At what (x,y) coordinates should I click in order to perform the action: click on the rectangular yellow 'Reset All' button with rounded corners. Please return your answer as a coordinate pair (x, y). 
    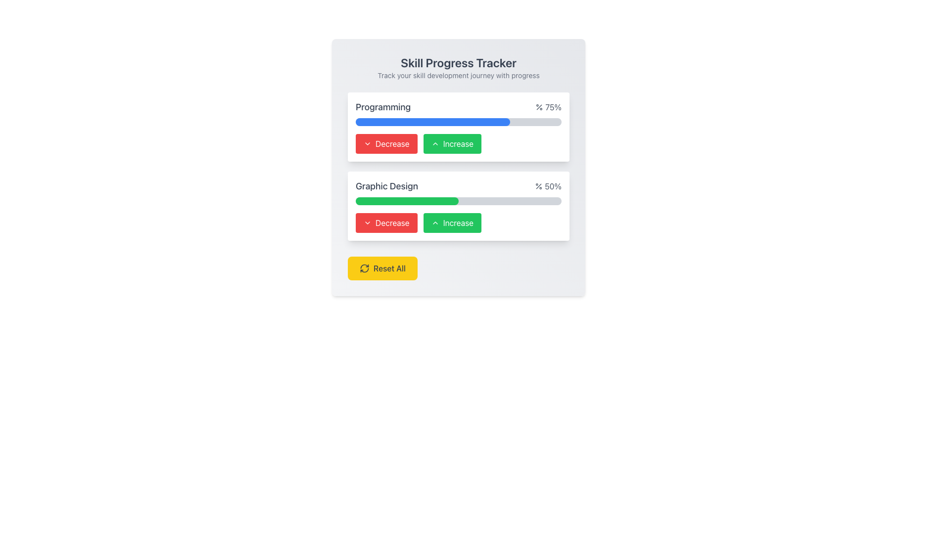
    Looking at the image, I should click on (382, 268).